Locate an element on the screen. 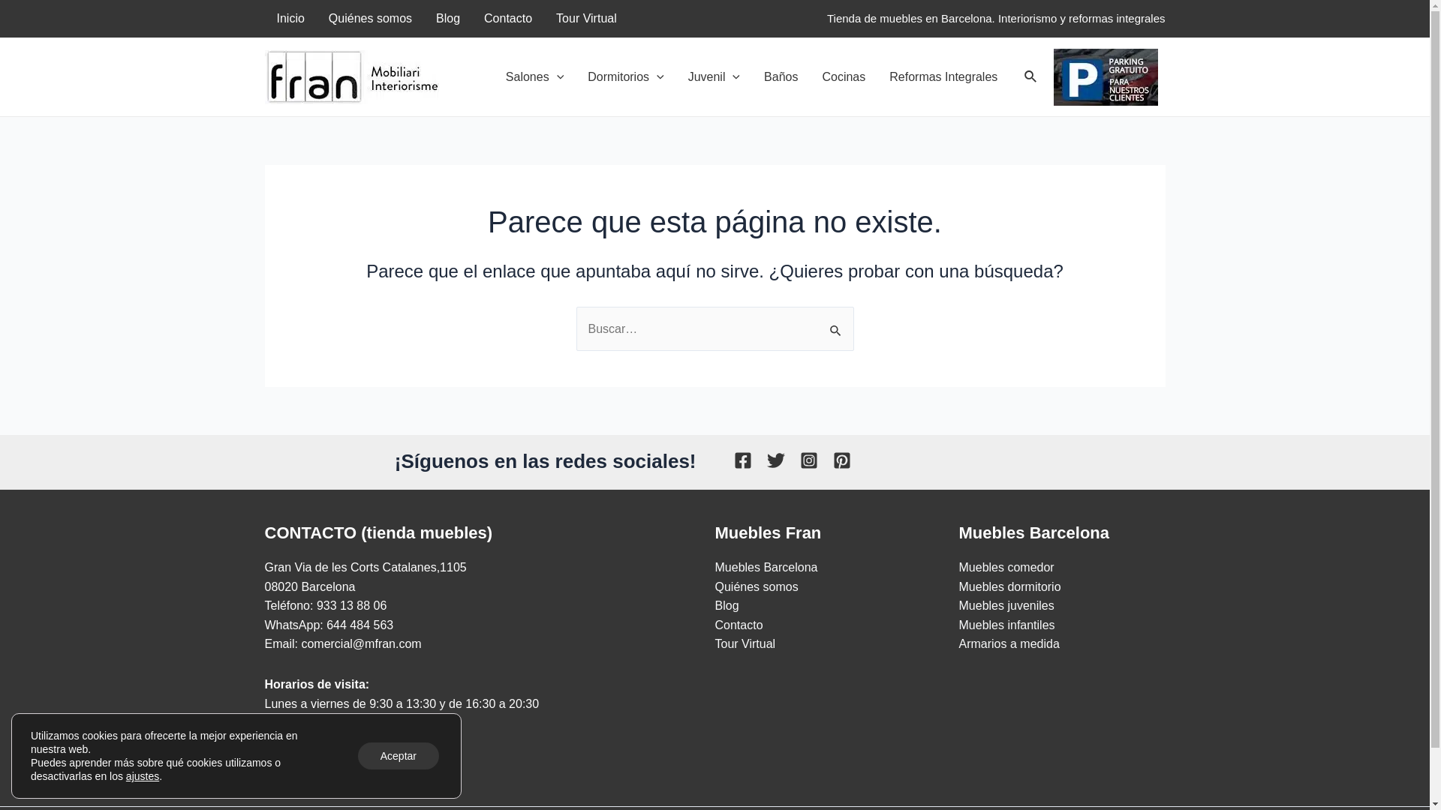  'Aceptar' is located at coordinates (399, 755).